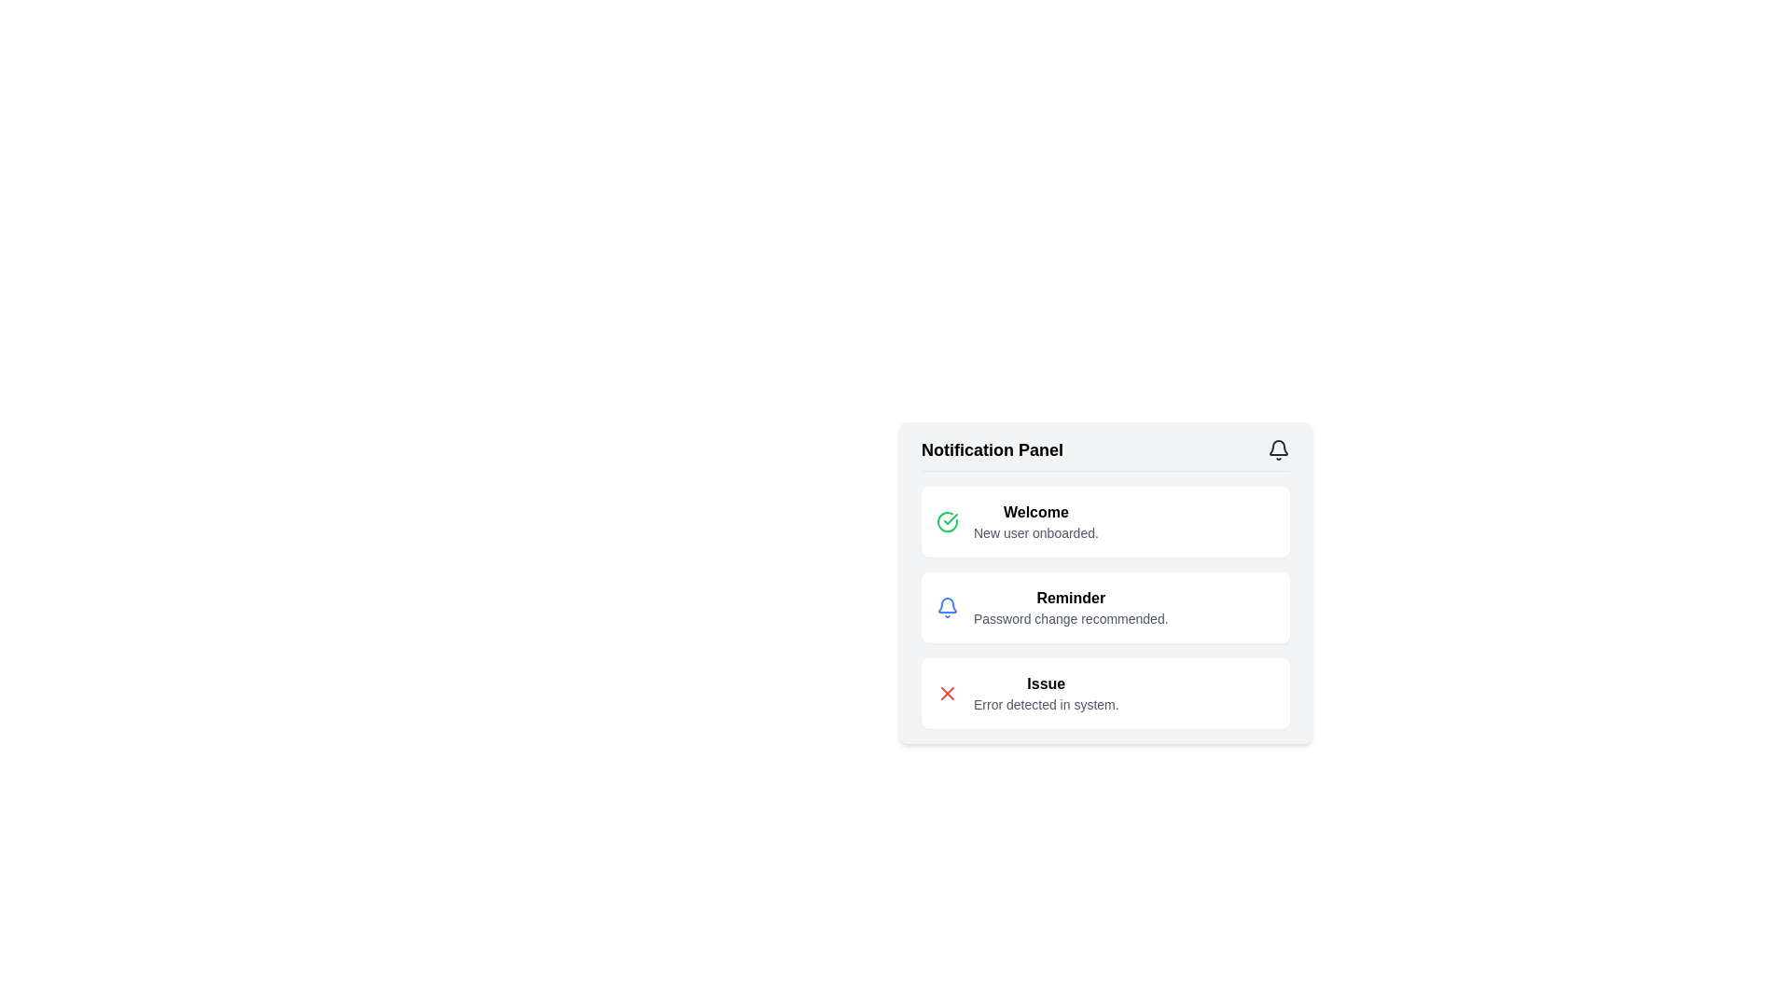 This screenshot has height=1007, width=1791. I want to click on the text label 'Password change recommended.' located under the 'Reminder' heading in the notification panel, so click(1071, 618).